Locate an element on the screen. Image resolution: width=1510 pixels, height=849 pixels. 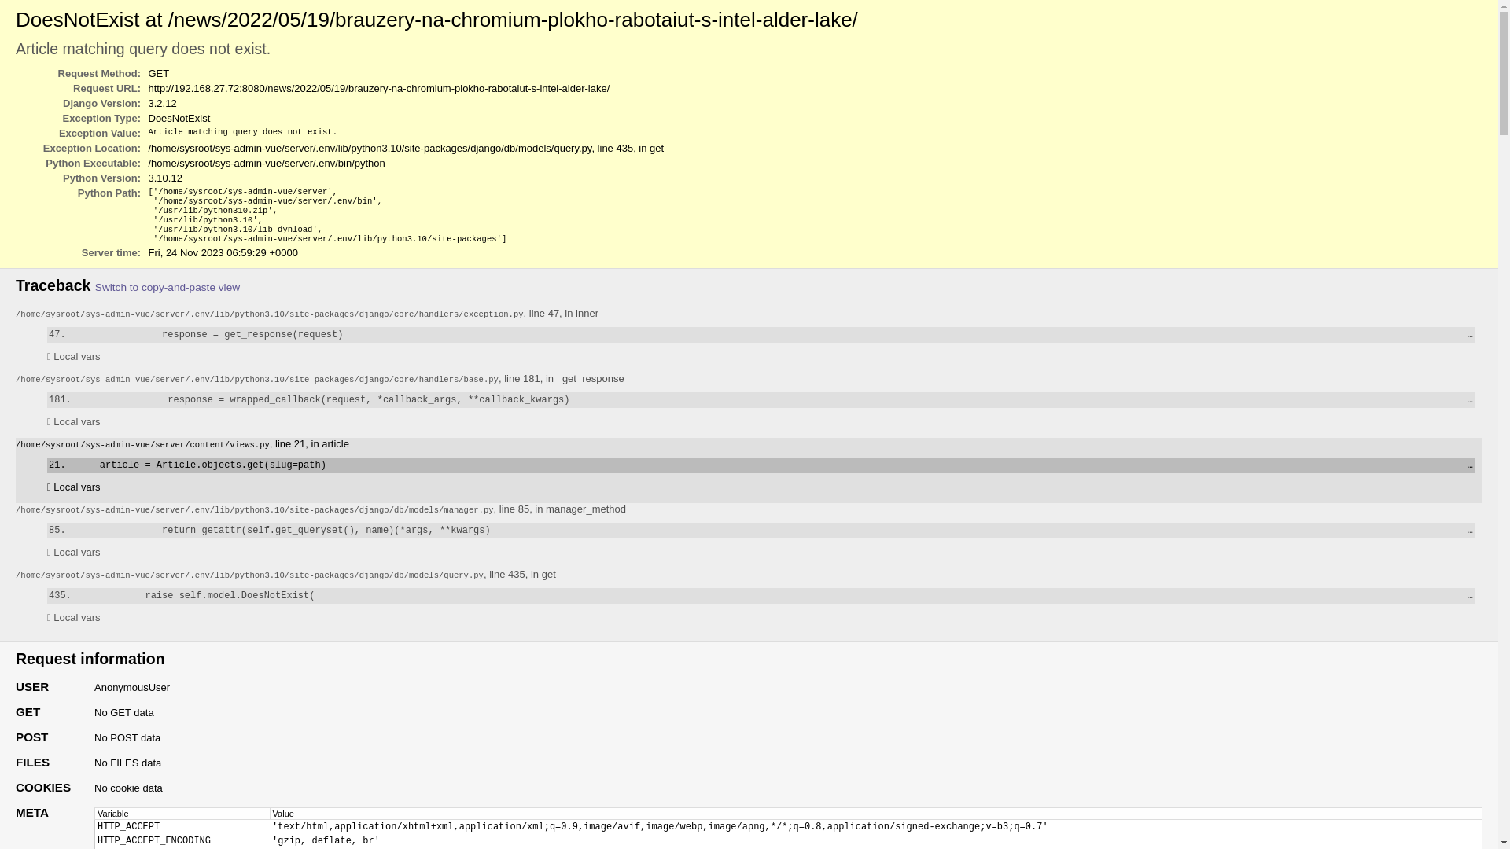
'Switch to copy-and-paste view' is located at coordinates (167, 287).